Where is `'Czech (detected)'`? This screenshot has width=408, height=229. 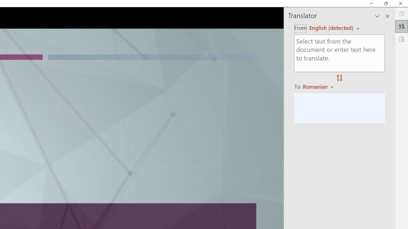 'Czech (detected)' is located at coordinates (331, 27).